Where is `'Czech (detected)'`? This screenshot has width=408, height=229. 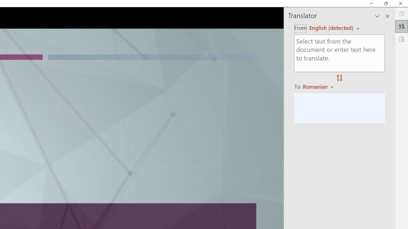 'Czech (detected)' is located at coordinates (331, 27).